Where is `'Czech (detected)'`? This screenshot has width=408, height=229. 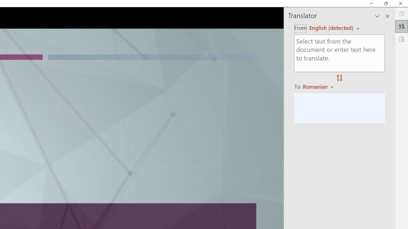 'Czech (detected)' is located at coordinates (331, 27).